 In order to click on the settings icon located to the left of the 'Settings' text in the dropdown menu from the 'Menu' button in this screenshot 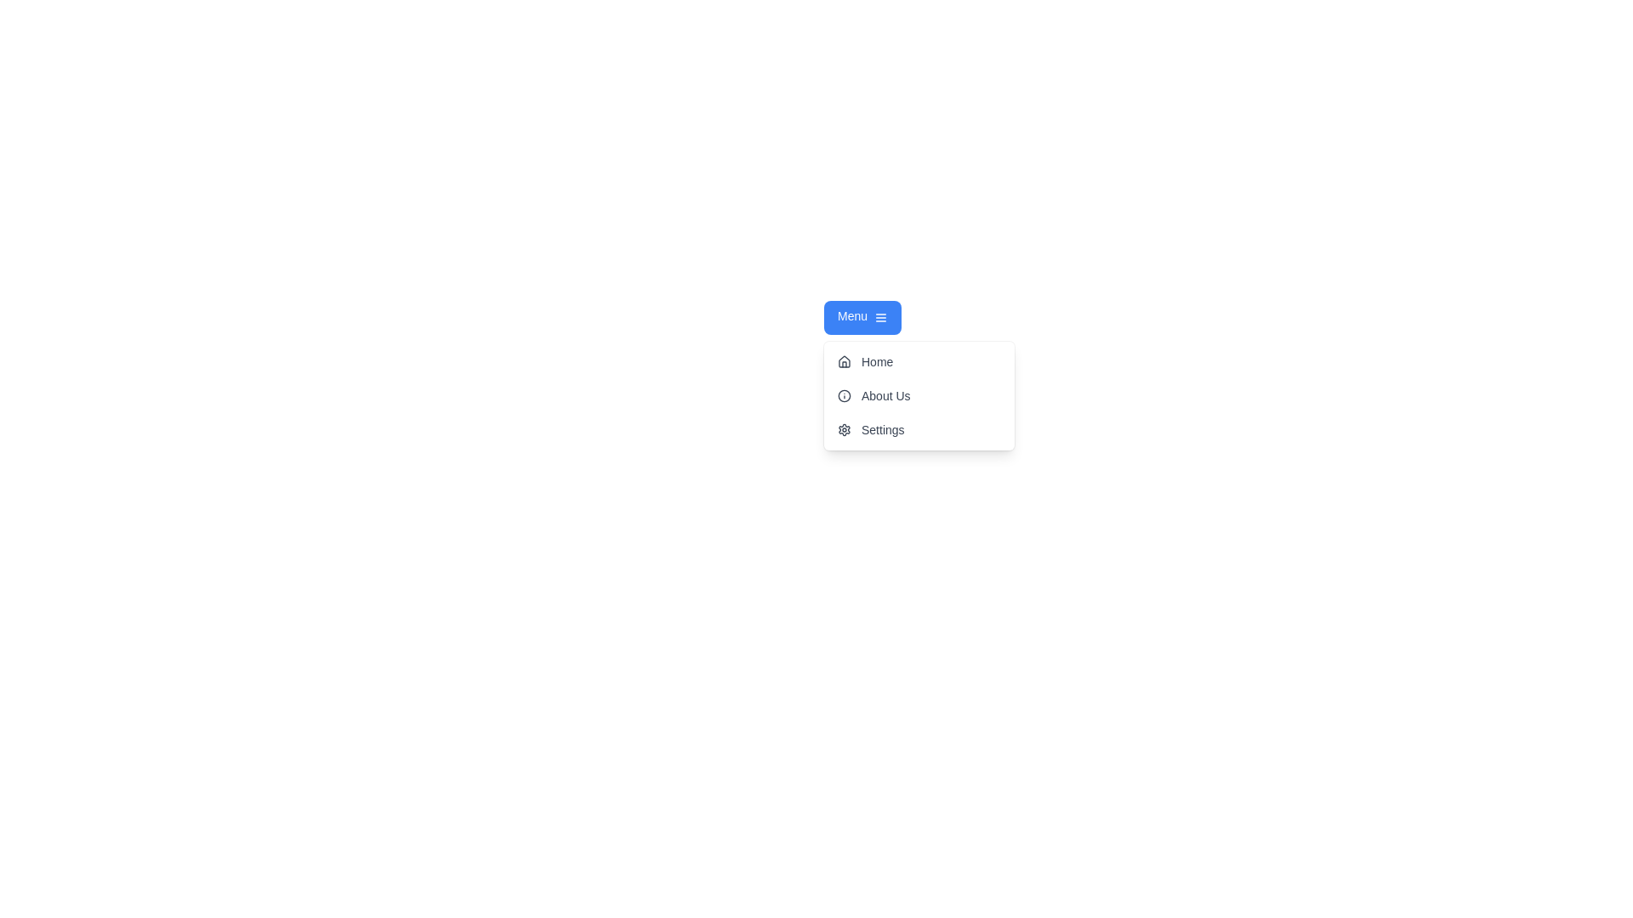, I will do `click(845, 428)`.